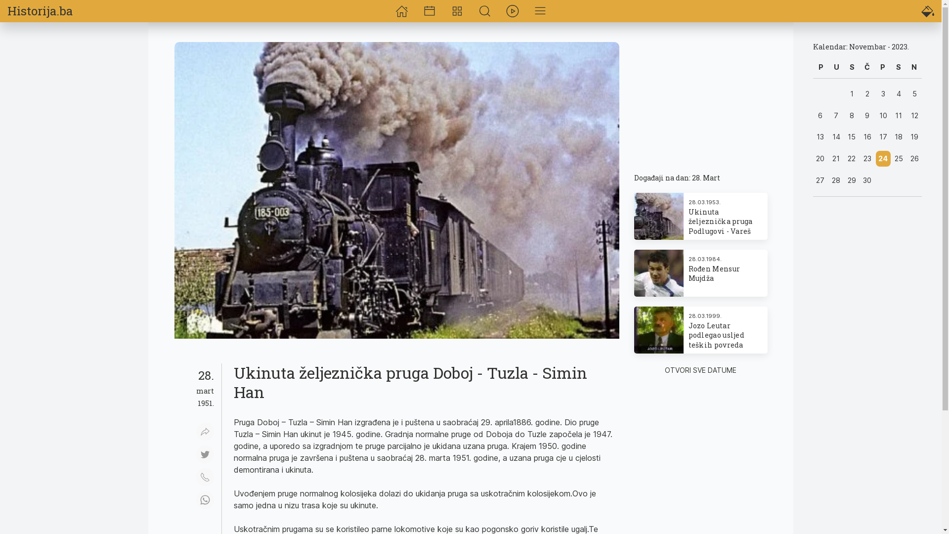 Image resolution: width=949 pixels, height=534 pixels. I want to click on '11', so click(892, 115).